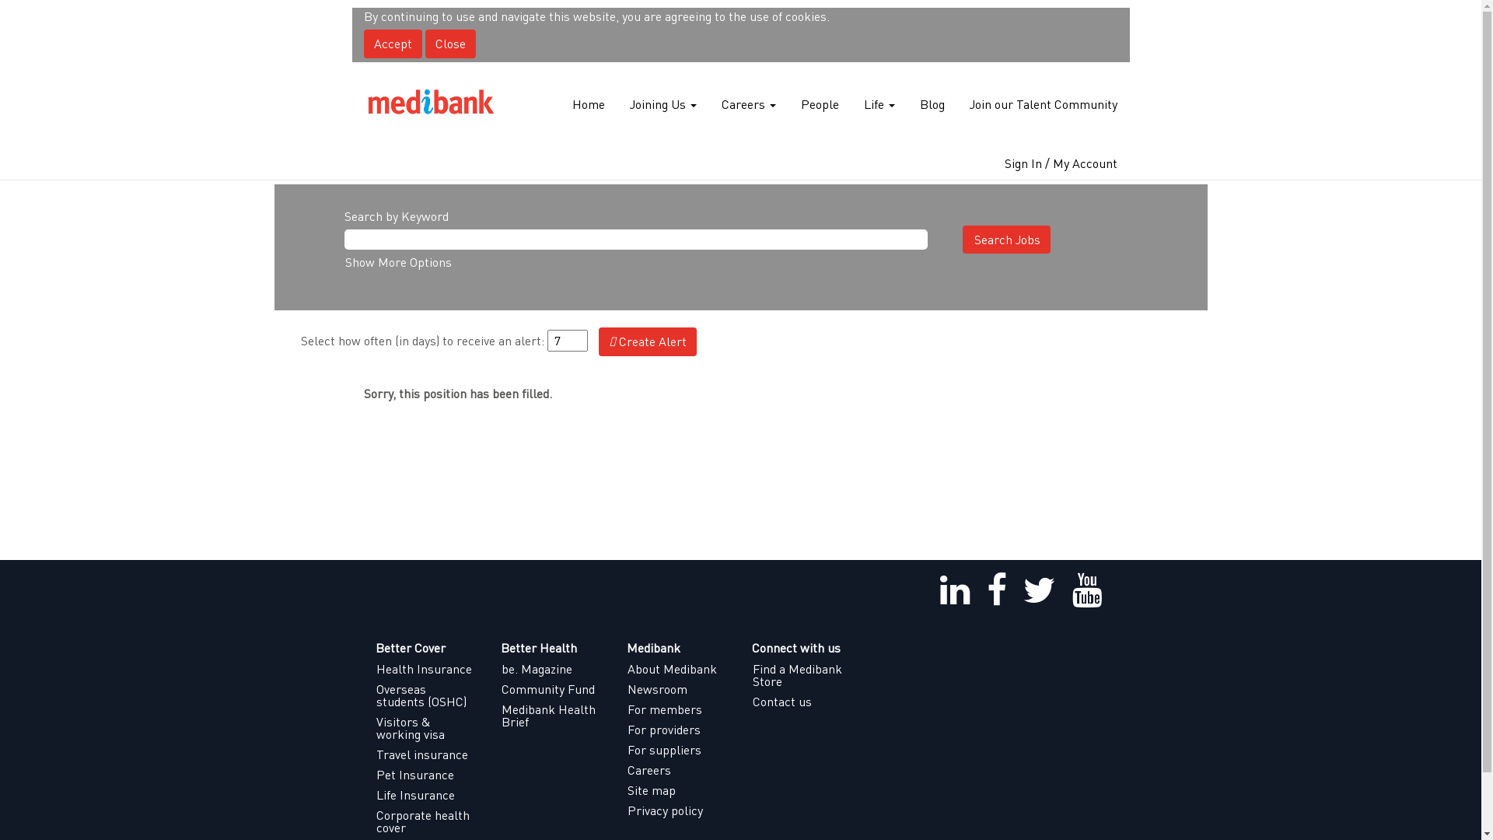 The width and height of the screenshot is (1493, 840). Describe the element at coordinates (449, 43) in the screenshot. I see `'Close'` at that location.